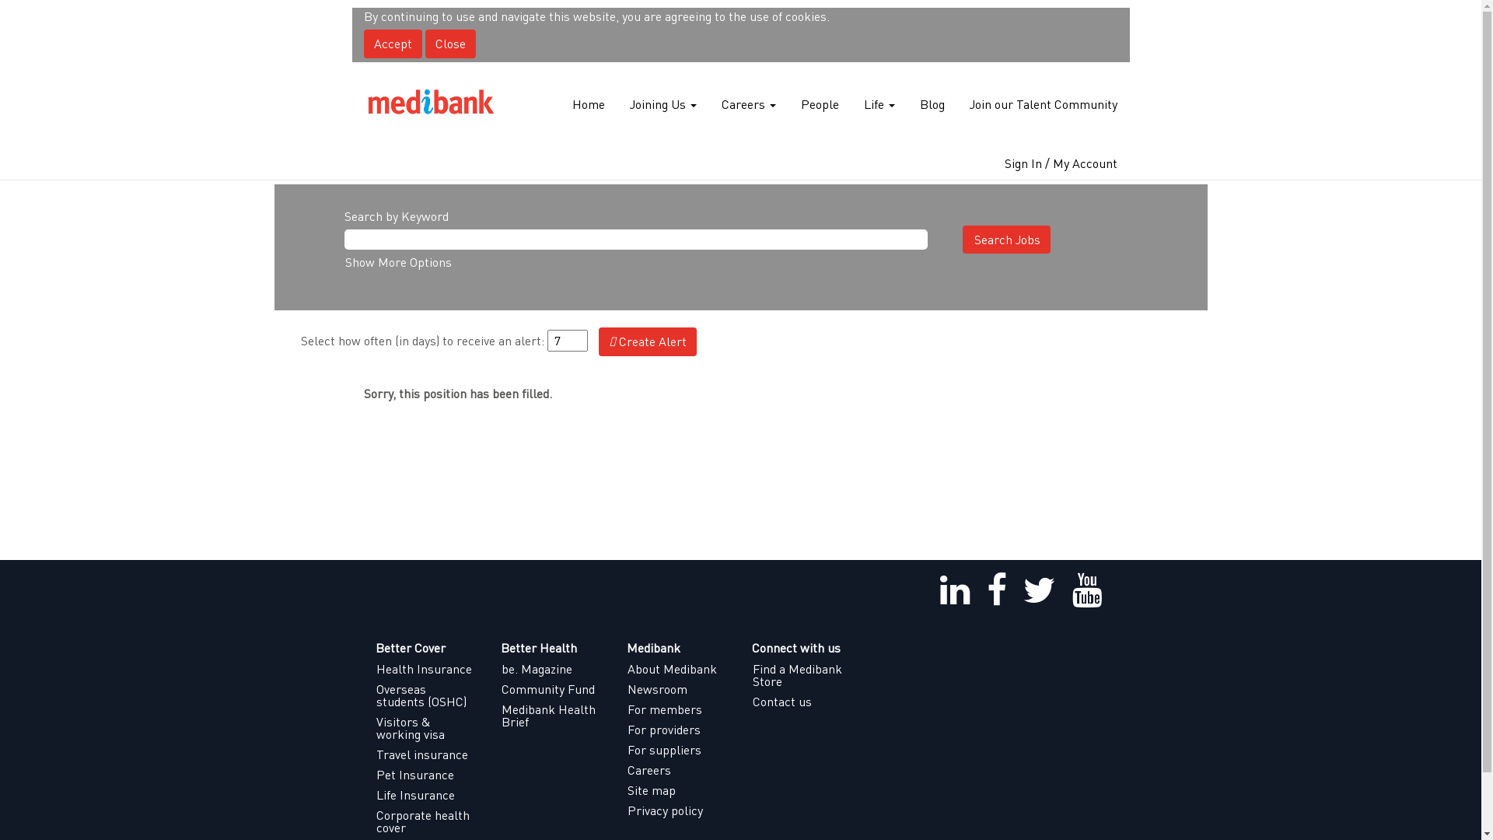 The width and height of the screenshot is (1493, 840). Describe the element at coordinates (449, 43) in the screenshot. I see `'Close'` at that location.